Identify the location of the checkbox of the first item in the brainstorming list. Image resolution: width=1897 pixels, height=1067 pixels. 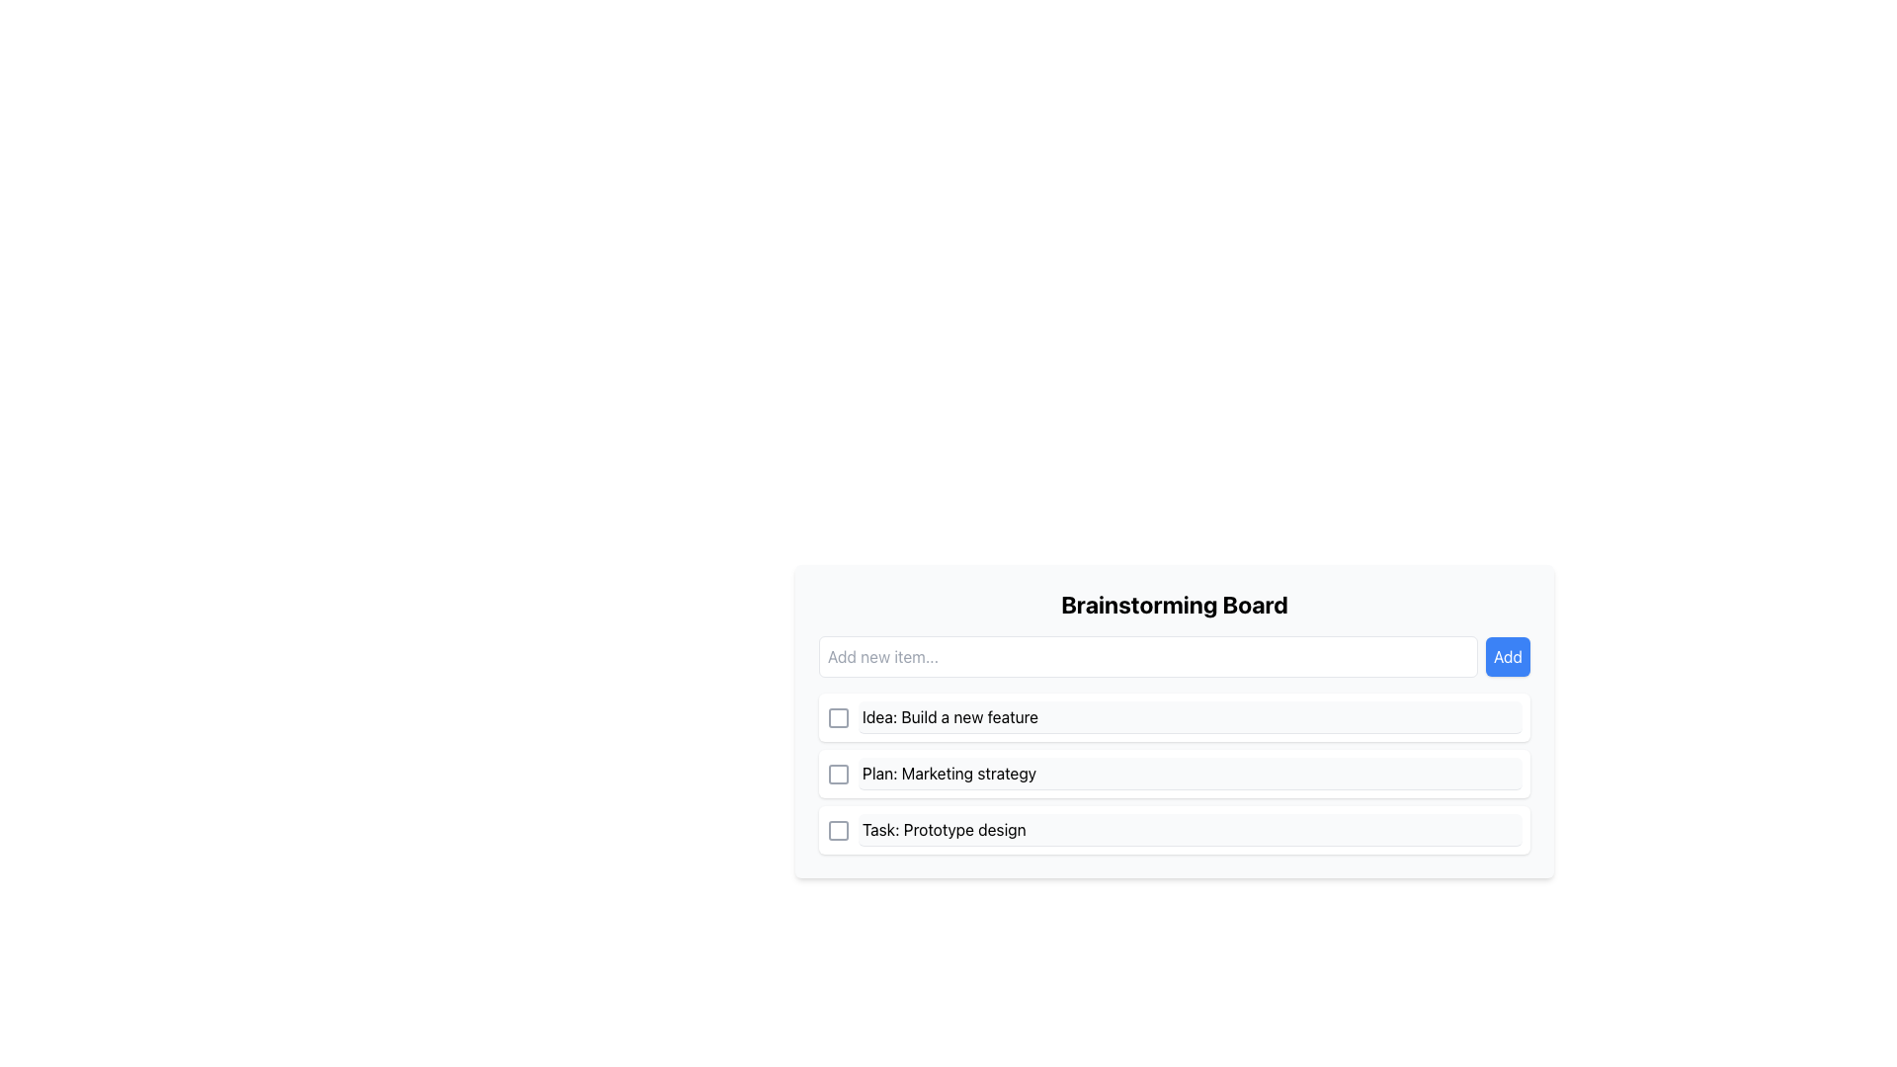
(1175, 717).